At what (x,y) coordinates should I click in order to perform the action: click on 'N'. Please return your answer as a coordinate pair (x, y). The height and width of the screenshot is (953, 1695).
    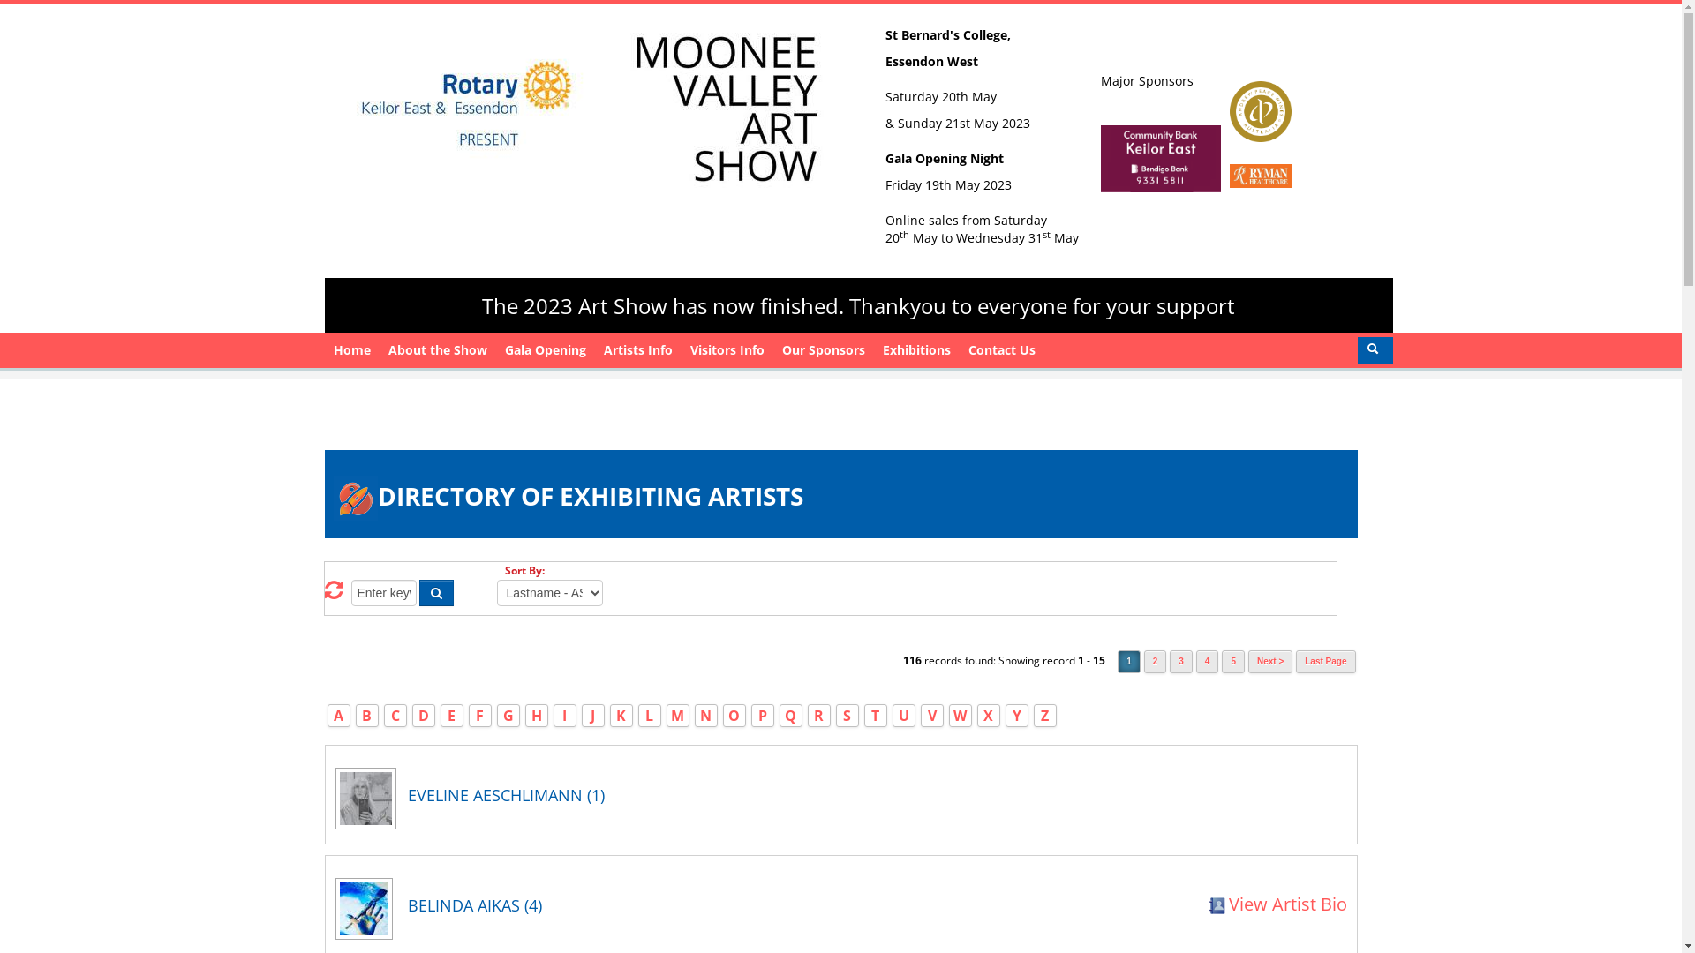
    Looking at the image, I should click on (704, 715).